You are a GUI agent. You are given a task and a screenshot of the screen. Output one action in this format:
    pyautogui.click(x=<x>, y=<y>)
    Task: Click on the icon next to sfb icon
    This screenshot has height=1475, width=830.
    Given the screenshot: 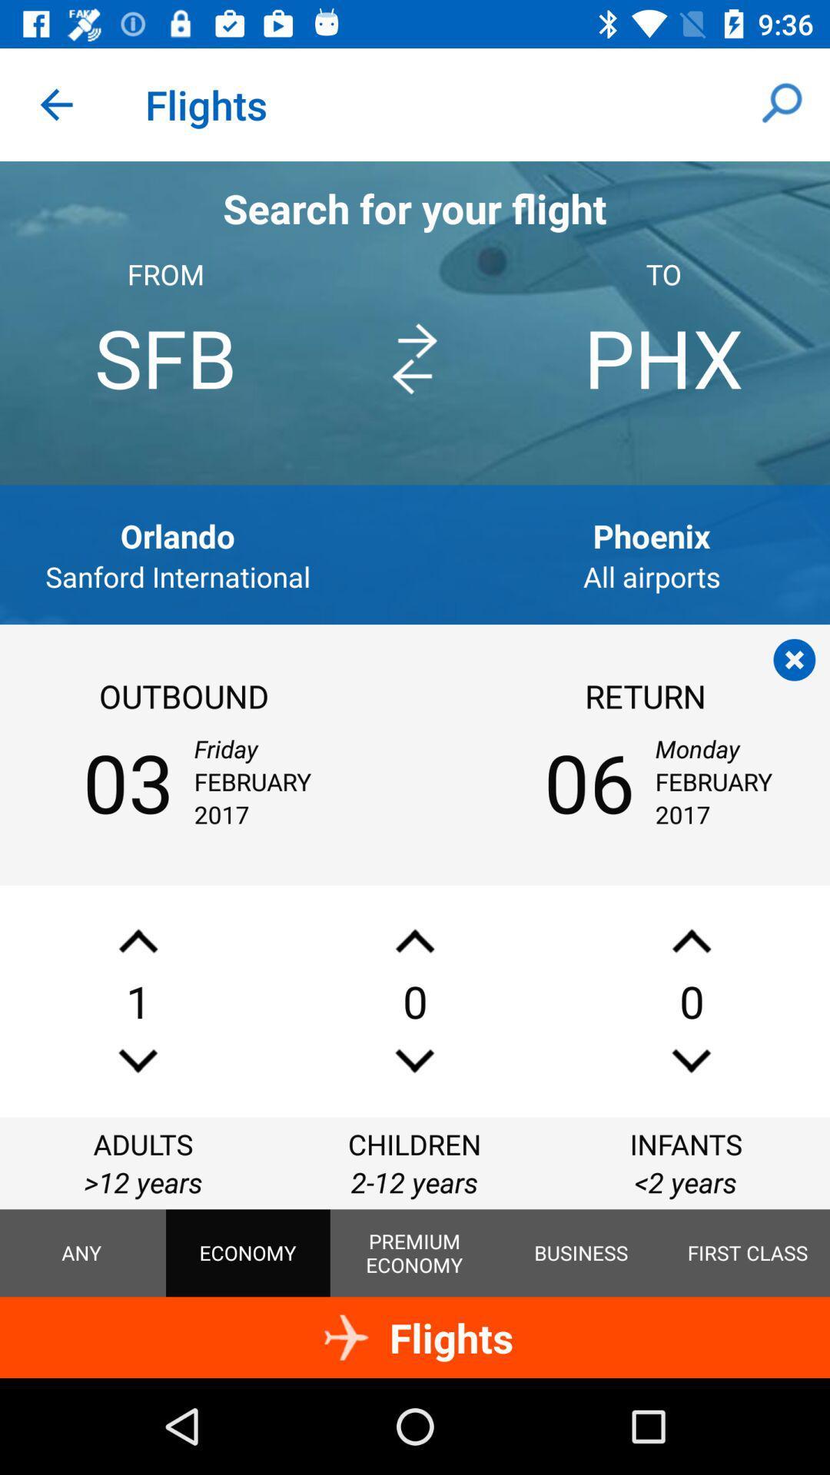 What is the action you would take?
    pyautogui.click(x=413, y=358)
    